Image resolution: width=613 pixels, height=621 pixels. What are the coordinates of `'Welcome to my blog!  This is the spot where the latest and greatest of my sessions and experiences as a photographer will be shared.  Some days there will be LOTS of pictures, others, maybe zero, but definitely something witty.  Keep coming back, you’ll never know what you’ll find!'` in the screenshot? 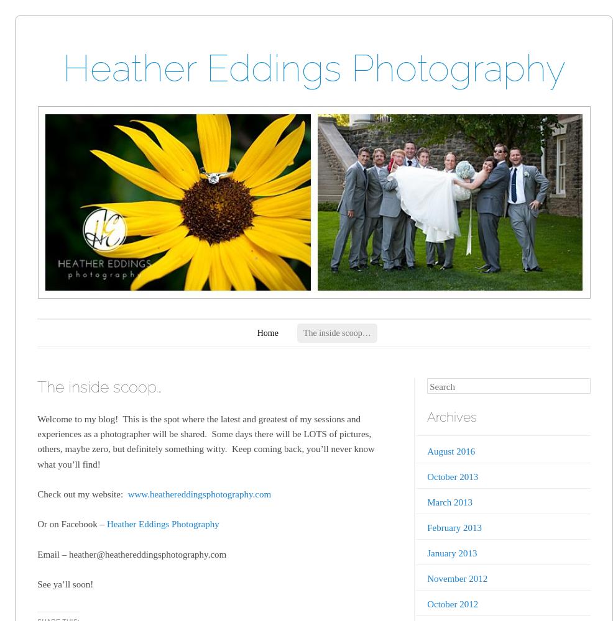 It's located at (205, 440).